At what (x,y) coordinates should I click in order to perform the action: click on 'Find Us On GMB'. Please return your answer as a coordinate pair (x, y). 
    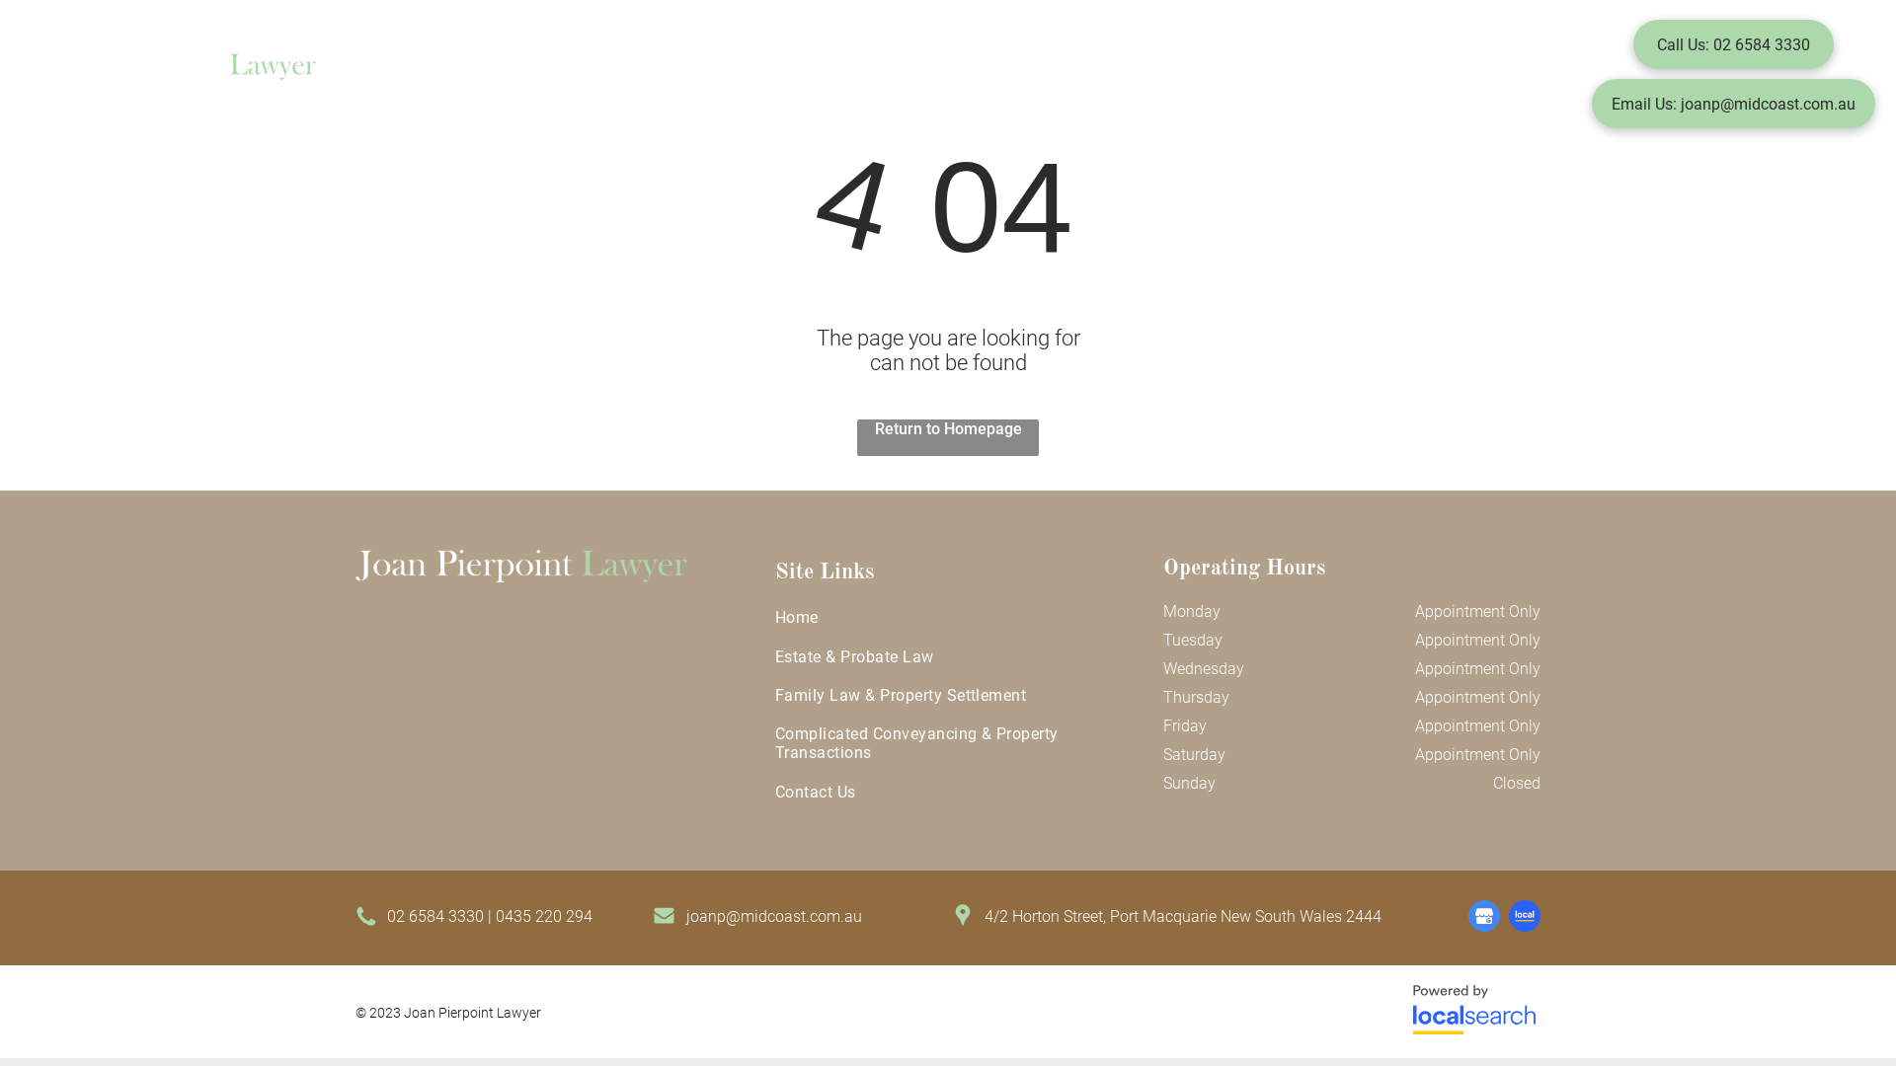
    Looking at the image, I should click on (1483, 916).